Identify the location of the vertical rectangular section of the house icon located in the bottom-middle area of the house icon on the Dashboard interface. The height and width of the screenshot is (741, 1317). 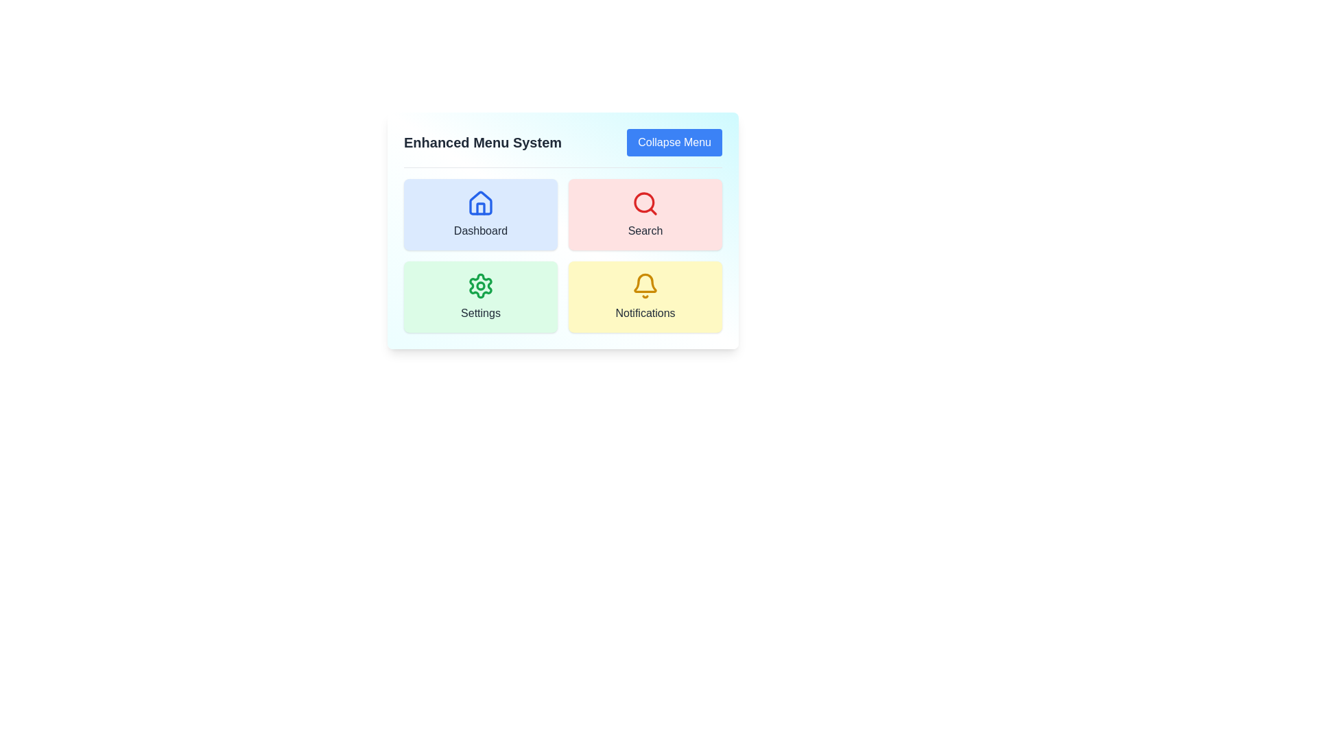
(480, 209).